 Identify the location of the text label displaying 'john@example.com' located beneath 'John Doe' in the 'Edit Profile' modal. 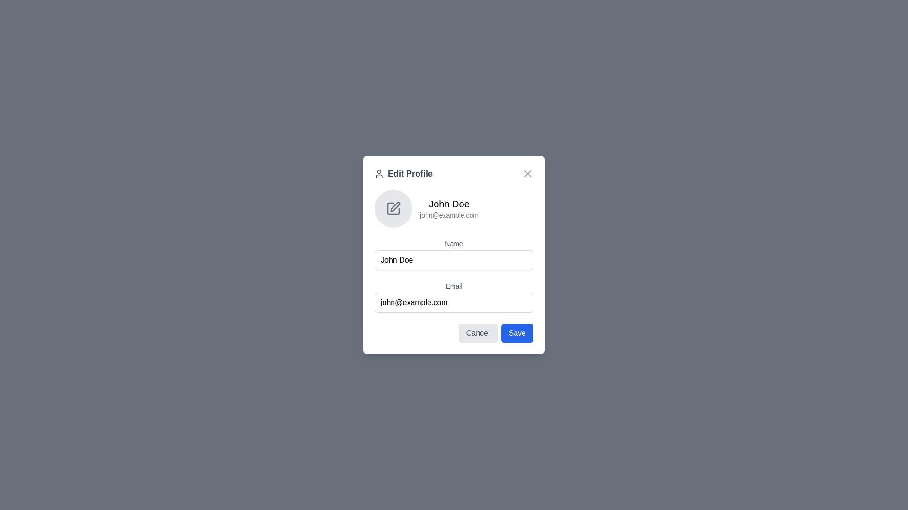
(449, 215).